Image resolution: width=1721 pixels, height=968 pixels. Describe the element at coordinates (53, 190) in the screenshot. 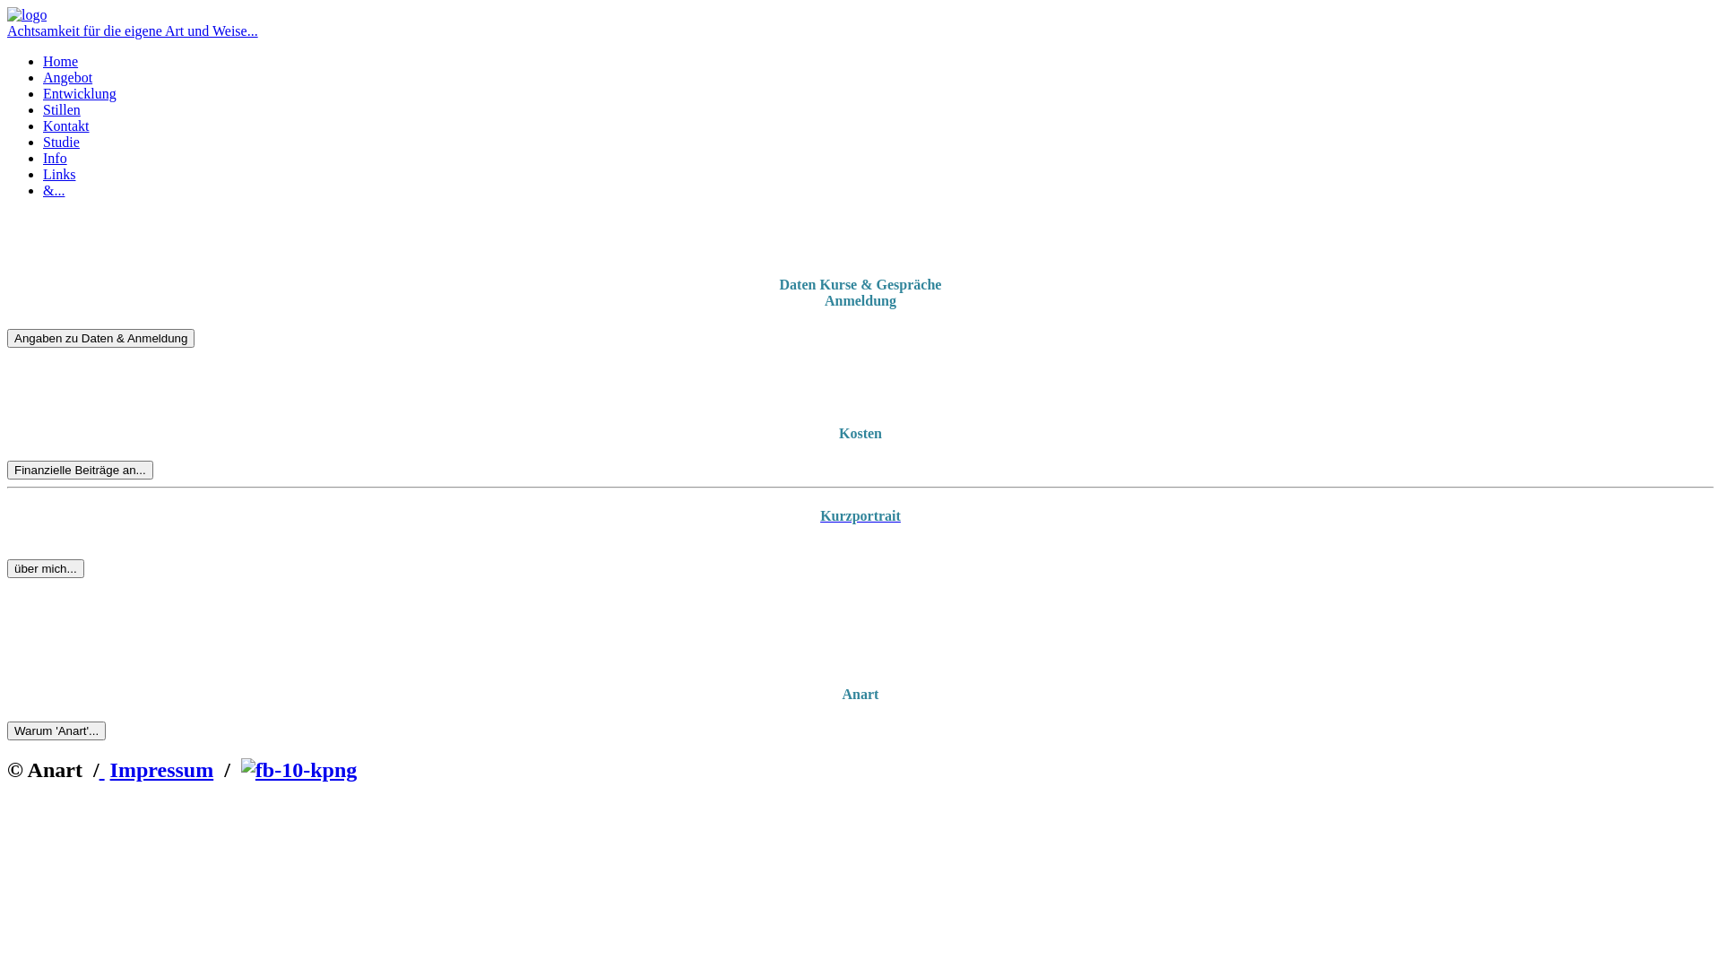

I see `'&...'` at that location.